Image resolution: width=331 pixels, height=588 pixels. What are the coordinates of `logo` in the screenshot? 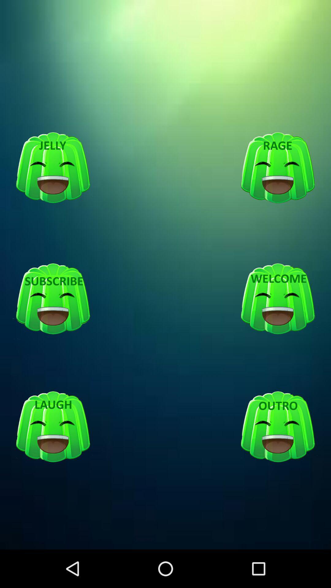 It's located at (53, 427).